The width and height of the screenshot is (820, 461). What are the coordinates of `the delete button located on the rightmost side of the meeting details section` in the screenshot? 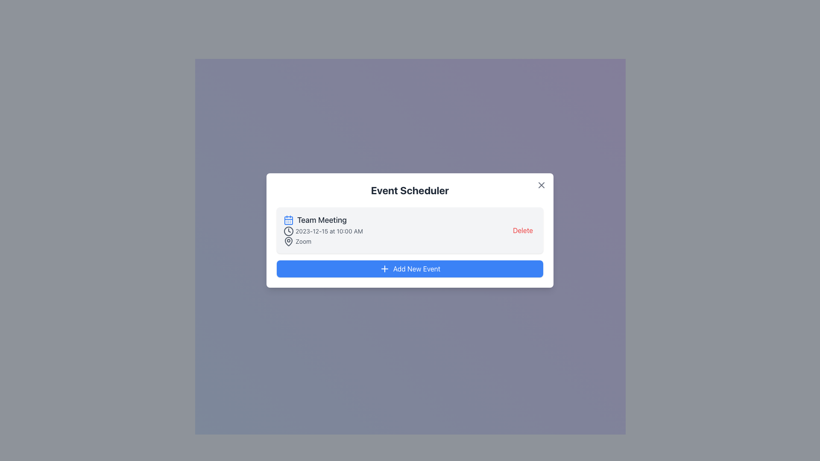 It's located at (522, 230).